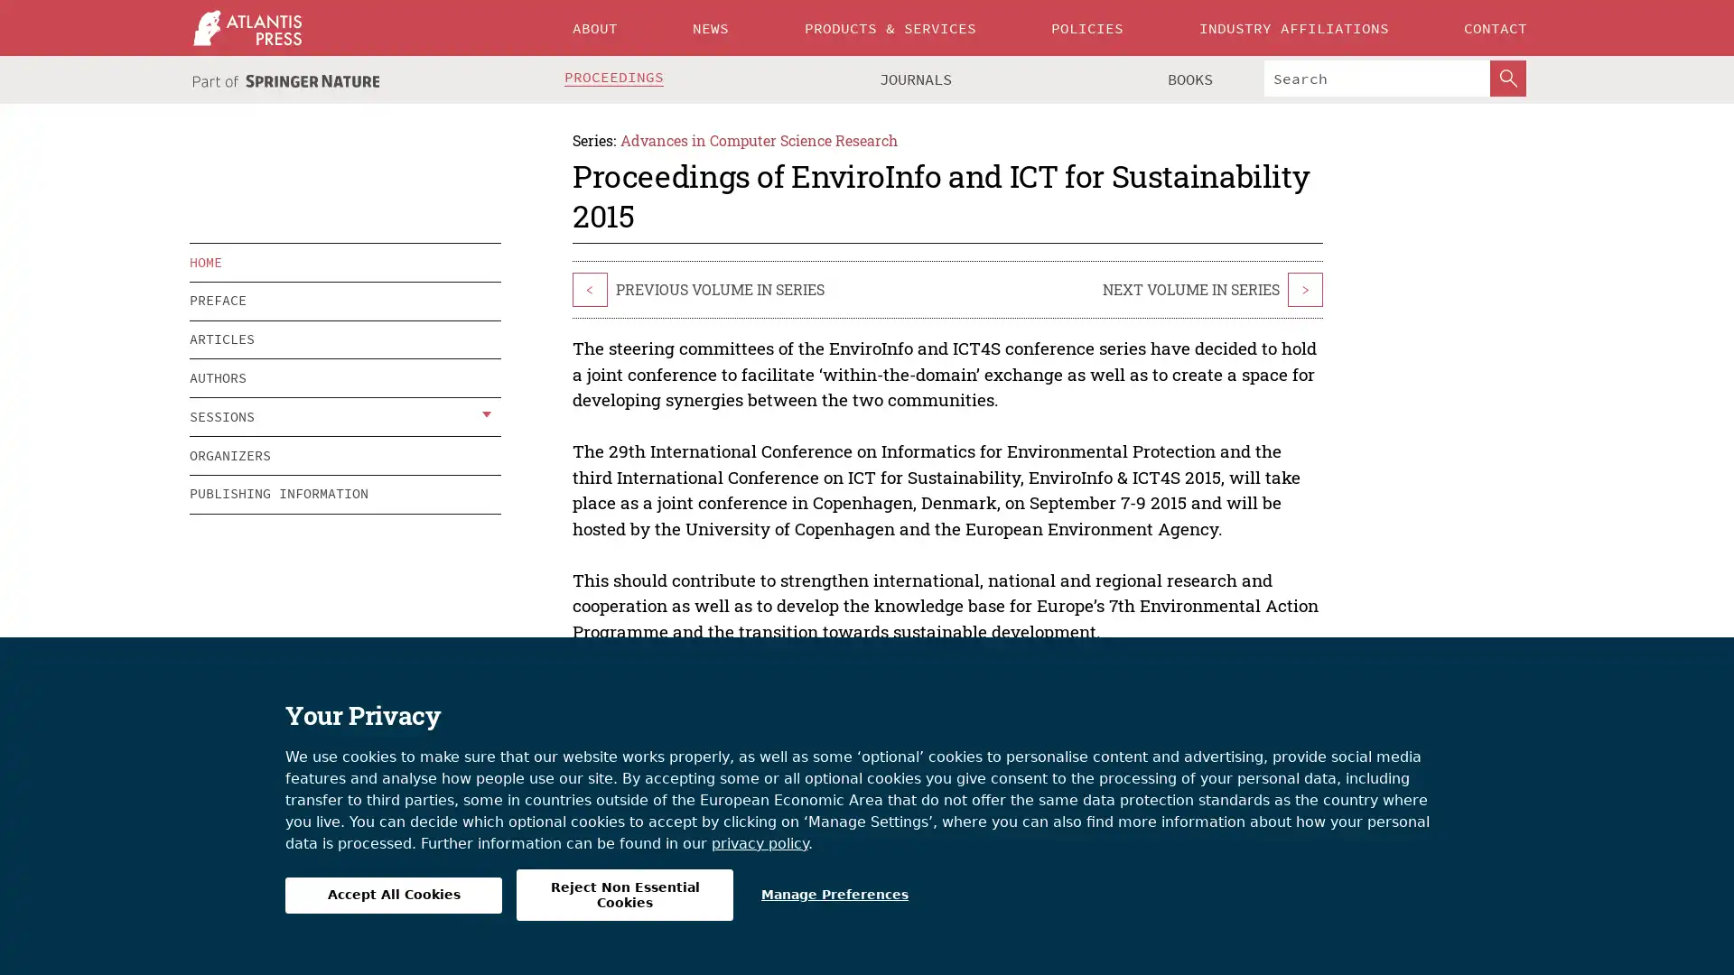 The height and width of the screenshot is (975, 1734). What do you see at coordinates (834, 895) in the screenshot?
I see `Manage Preferences` at bounding box center [834, 895].